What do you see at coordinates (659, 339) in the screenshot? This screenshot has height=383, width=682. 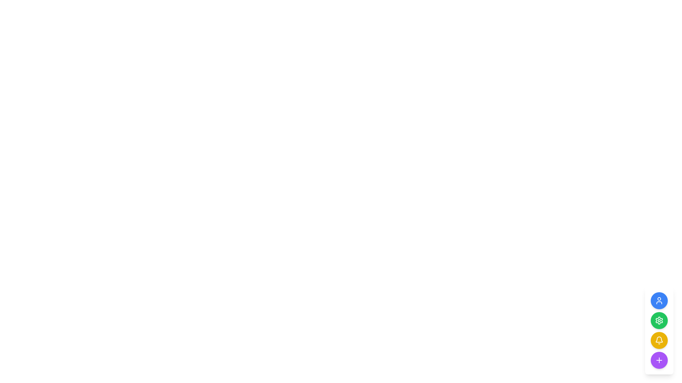 I see `the notification Icon Button located in the third position from the top in a vertical stack of icons within a floating right-side menu, directly below the green gear icon and above the pink plus icon` at bounding box center [659, 339].